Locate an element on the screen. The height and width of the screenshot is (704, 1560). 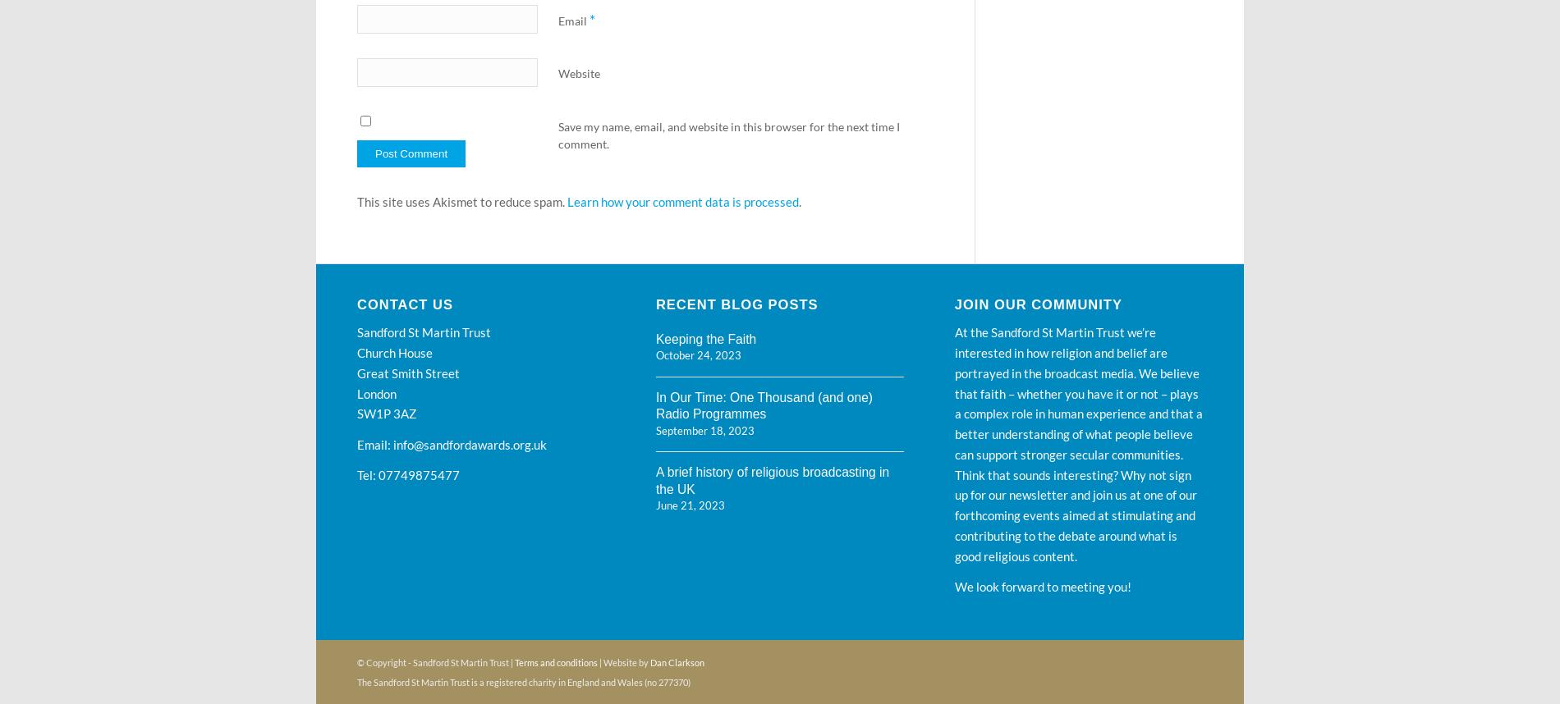
'London' is located at coordinates (376, 392).